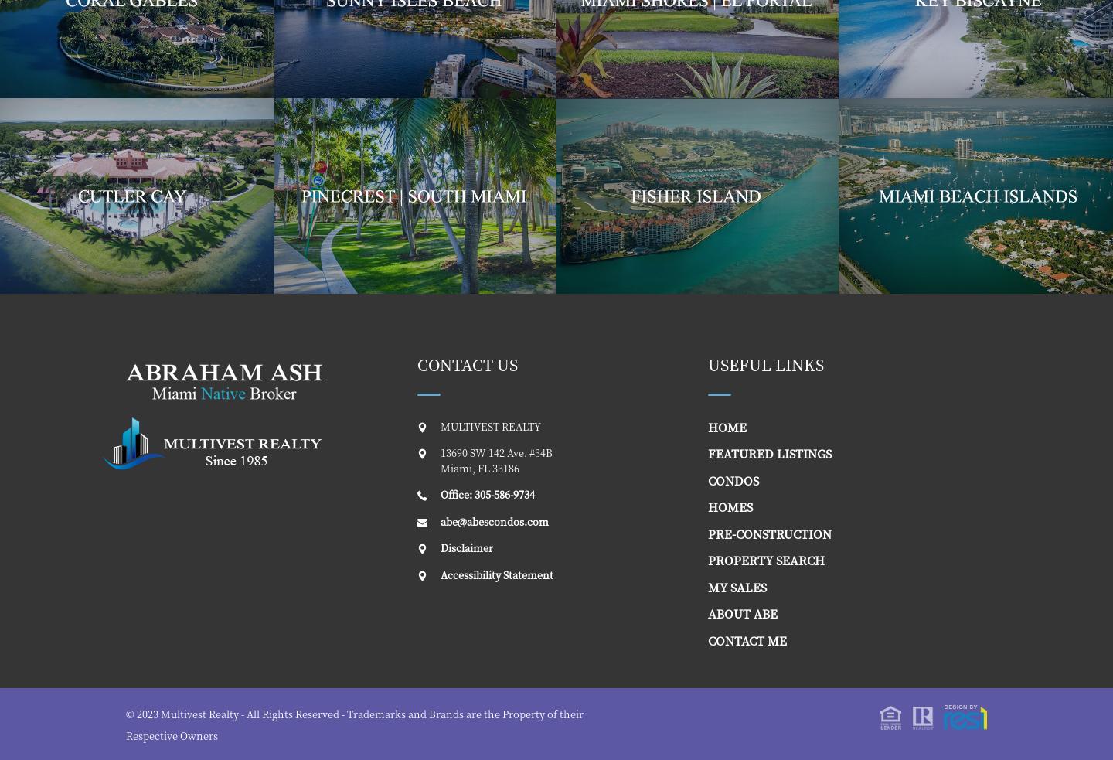 The width and height of the screenshot is (1113, 760). What do you see at coordinates (482, 467) in the screenshot?
I see `'FL'` at bounding box center [482, 467].